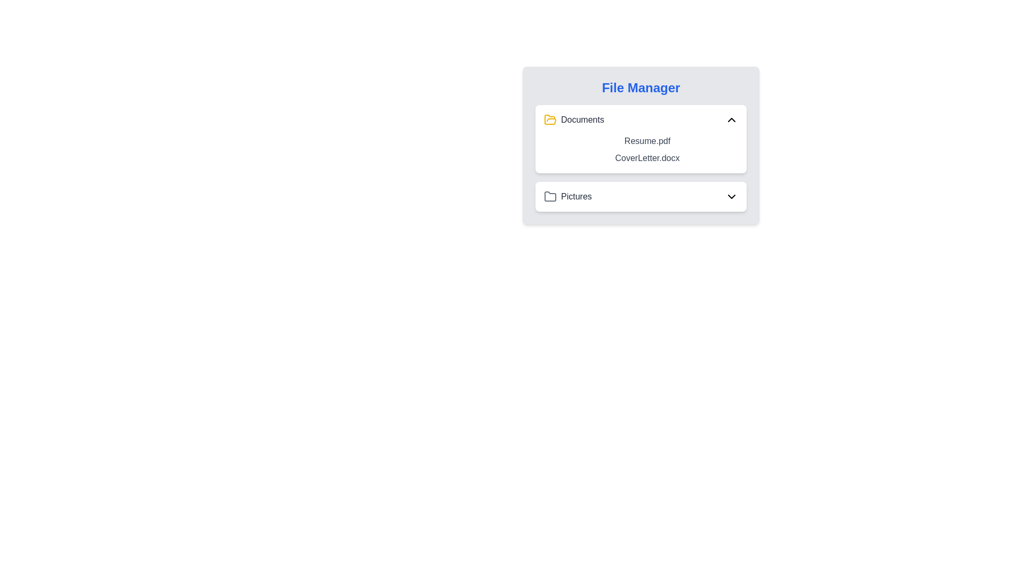 The width and height of the screenshot is (1024, 576). I want to click on the dropdown arrow of the 'Pictures' folder item in the File Manager section, so click(640, 197).